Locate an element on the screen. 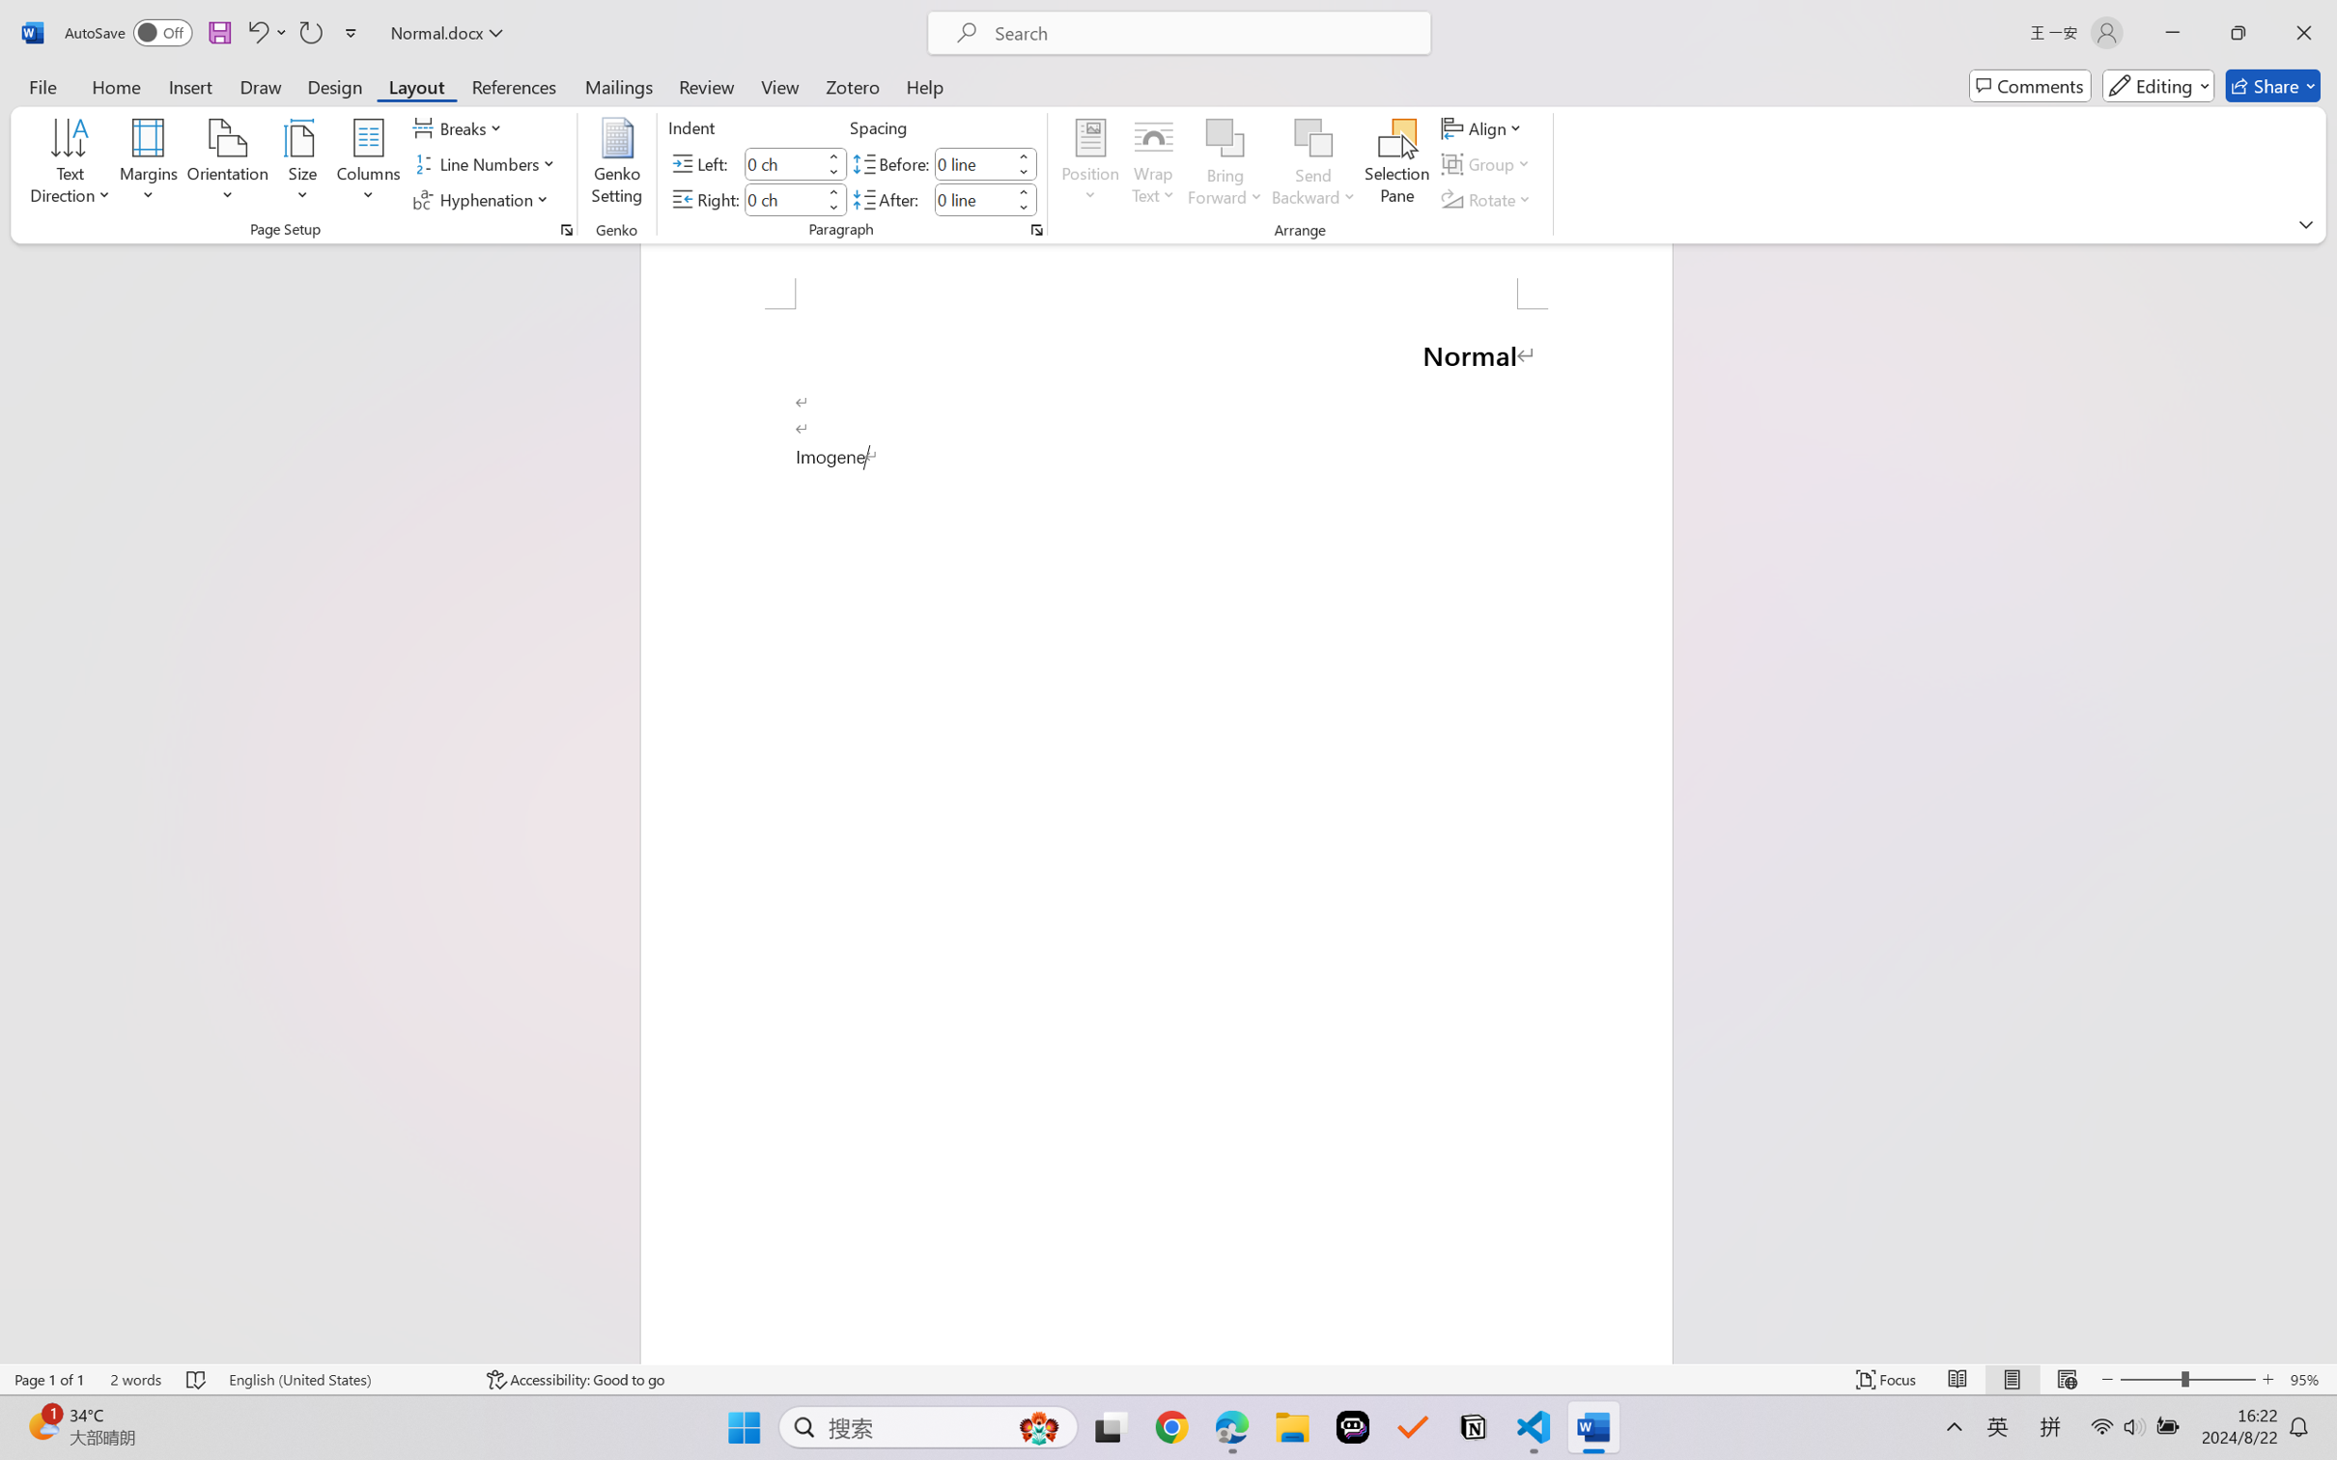 Image resolution: width=2337 pixels, height=1460 pixels. 'Indent Right' is located at coordinates (782, 198).